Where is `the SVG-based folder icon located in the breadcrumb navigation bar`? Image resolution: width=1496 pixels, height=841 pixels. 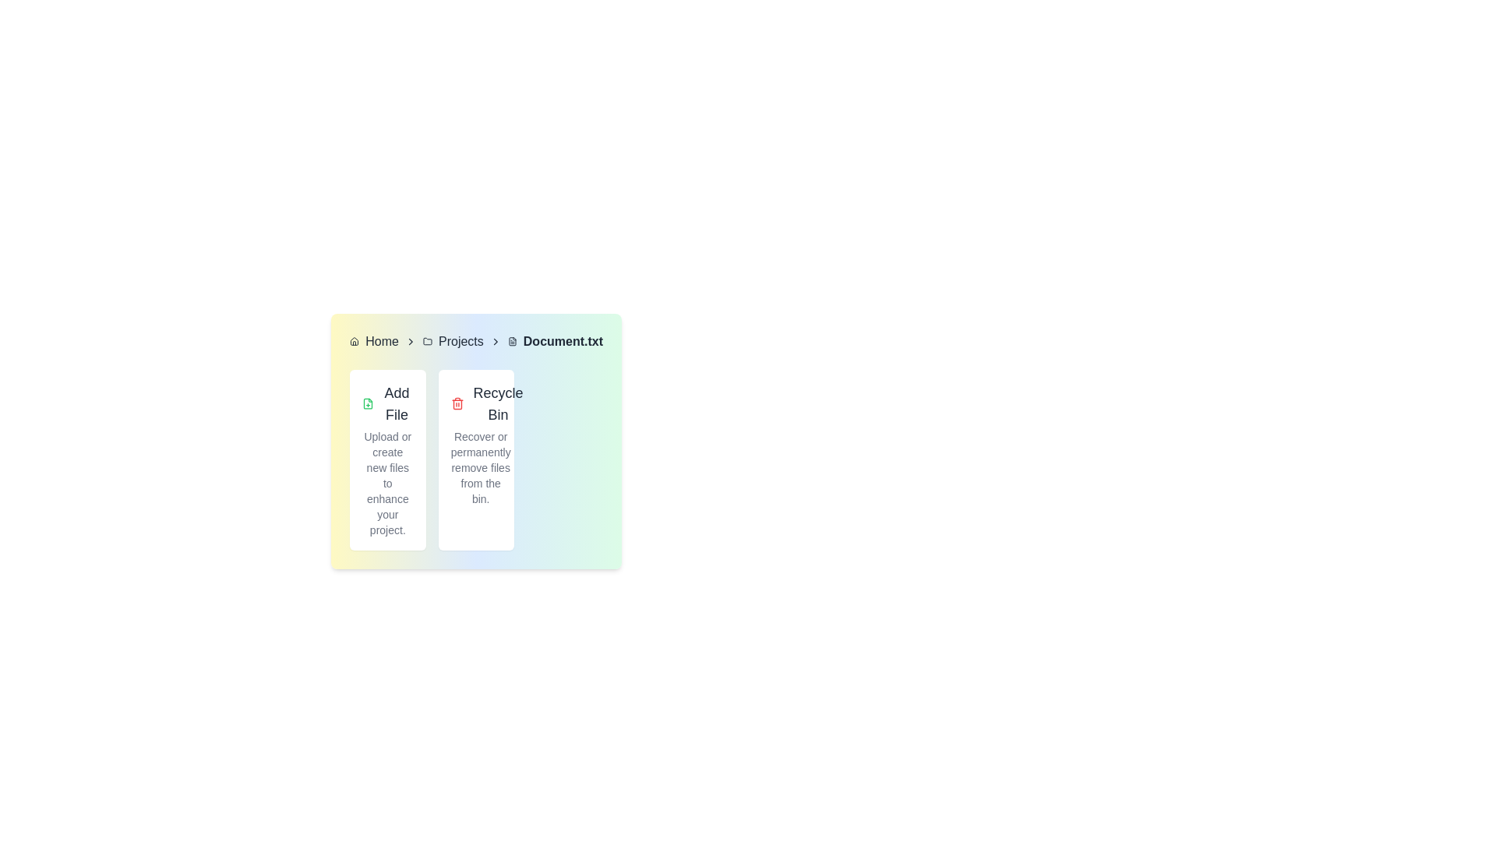
the SVG-based folder icon located in the breadcrumb navigation bar is located at coordinates (427, 341).